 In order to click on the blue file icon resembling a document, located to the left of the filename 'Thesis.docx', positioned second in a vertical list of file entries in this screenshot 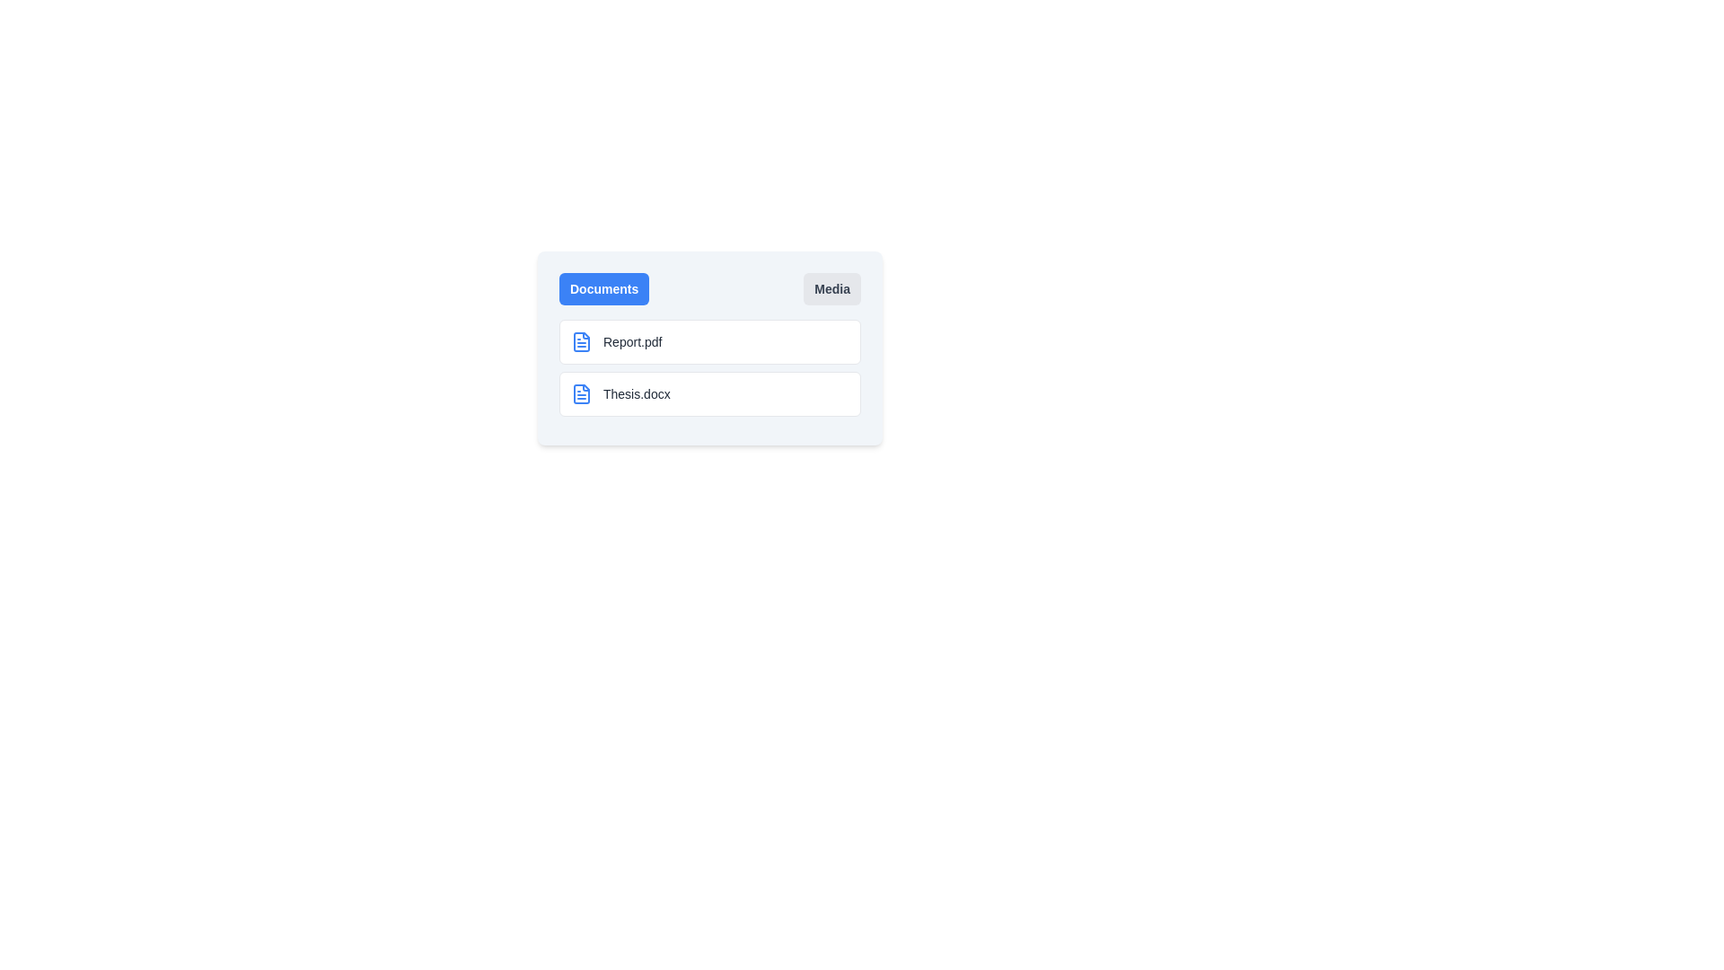, I will do `click(582, 393)`.